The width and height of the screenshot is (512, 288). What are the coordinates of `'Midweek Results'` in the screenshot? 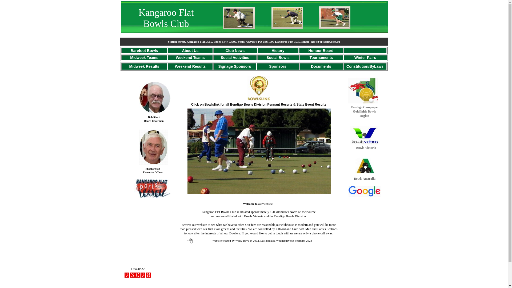 It's located at (144, 66).